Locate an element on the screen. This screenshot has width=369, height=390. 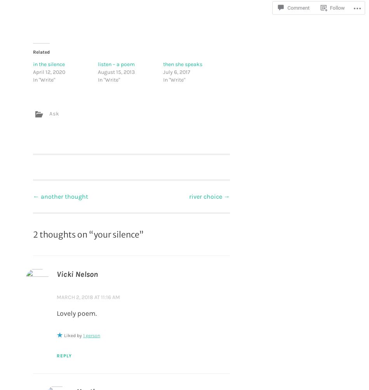
'Ask' is located at coordinates (54, 114).